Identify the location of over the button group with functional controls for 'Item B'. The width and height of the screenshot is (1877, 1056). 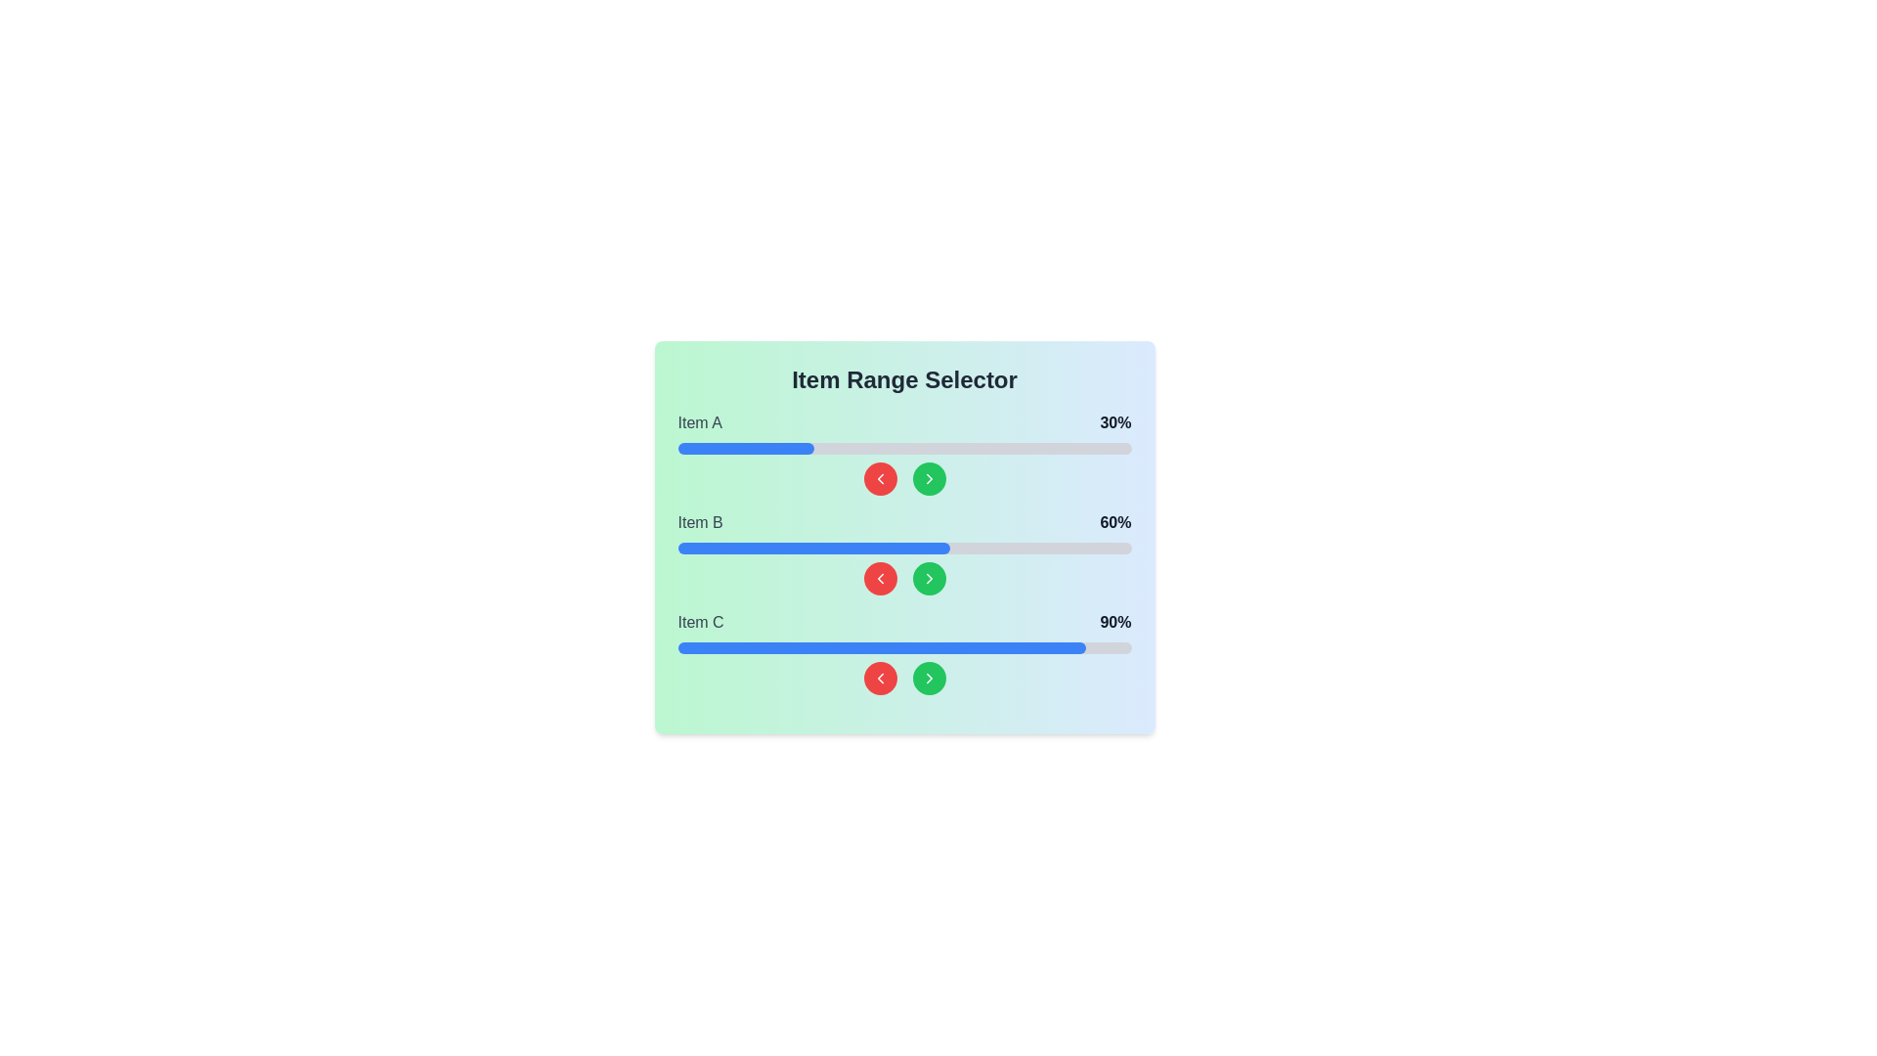
(903, 577).